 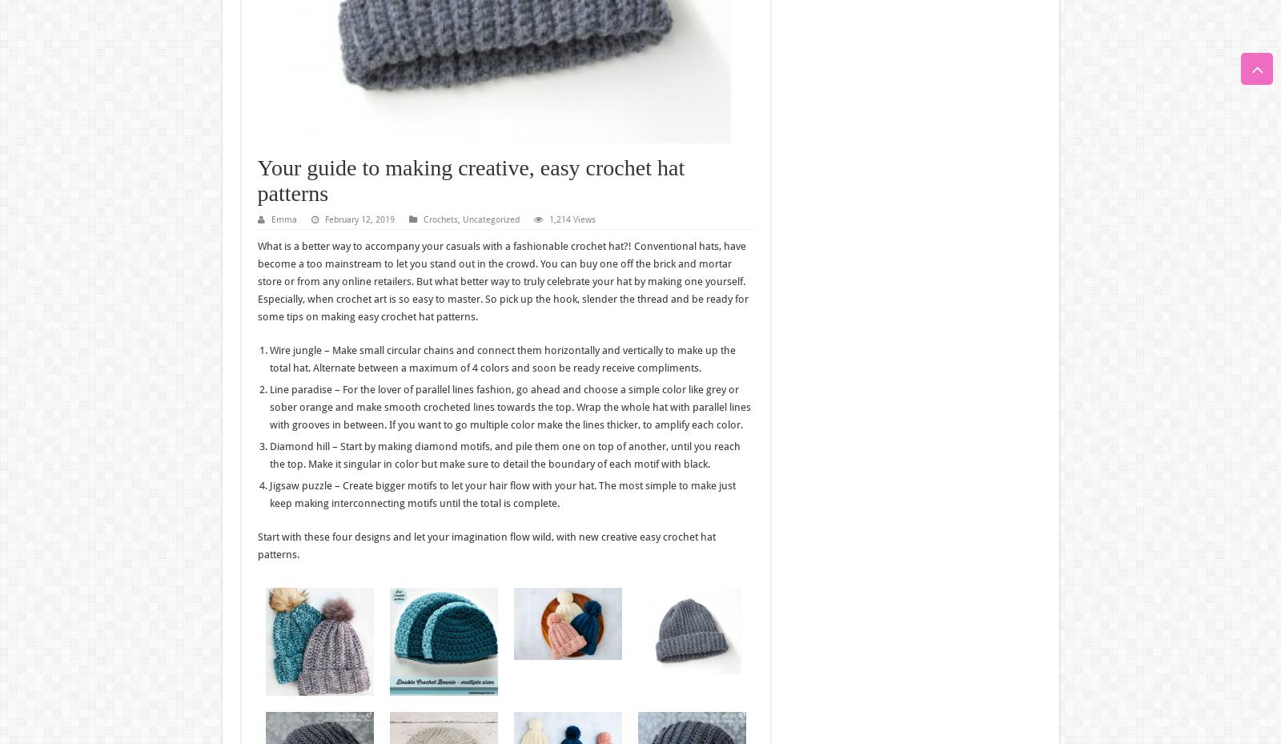 What do you see at coordinates (459, 219) in the screenshot?
I see `','` at bounding box center [459, 219].